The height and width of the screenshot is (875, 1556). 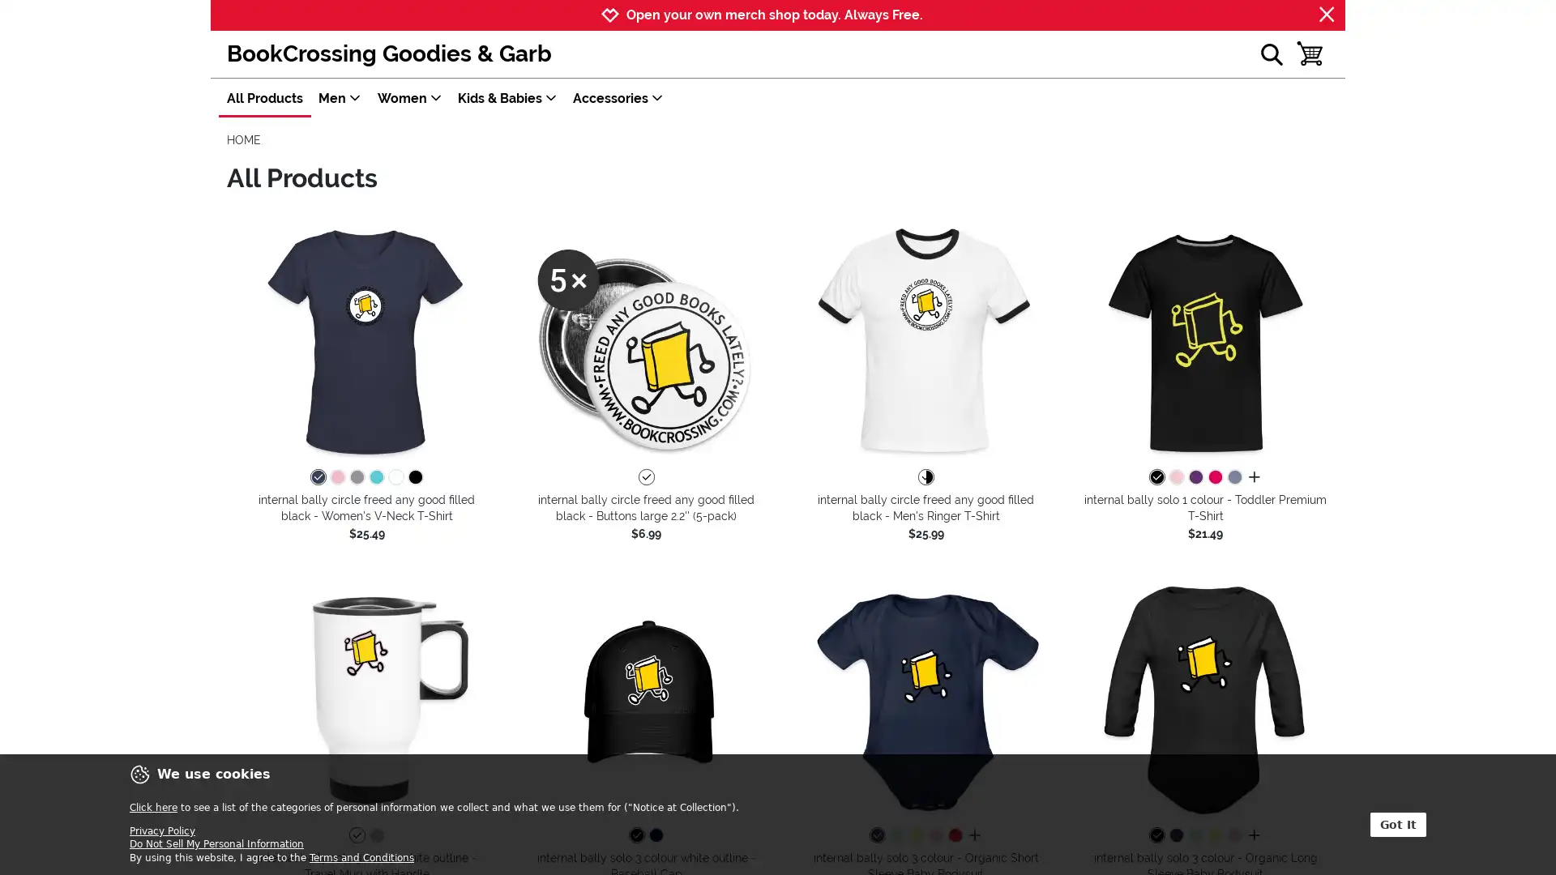 I want to click on light pink, so click(x=1233, y=836).